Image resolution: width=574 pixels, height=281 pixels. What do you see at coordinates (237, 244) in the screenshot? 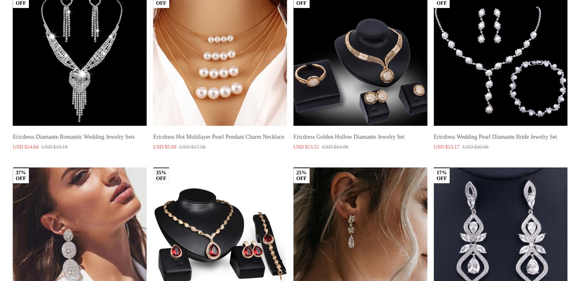
I see `'POLICYS'` at bounding box center [237, 244].